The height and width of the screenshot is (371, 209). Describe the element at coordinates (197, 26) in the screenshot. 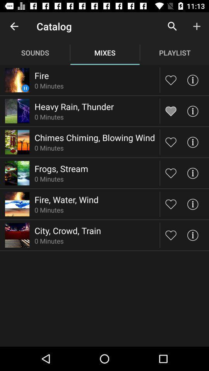

I see `icon above playlist icon` at that location.